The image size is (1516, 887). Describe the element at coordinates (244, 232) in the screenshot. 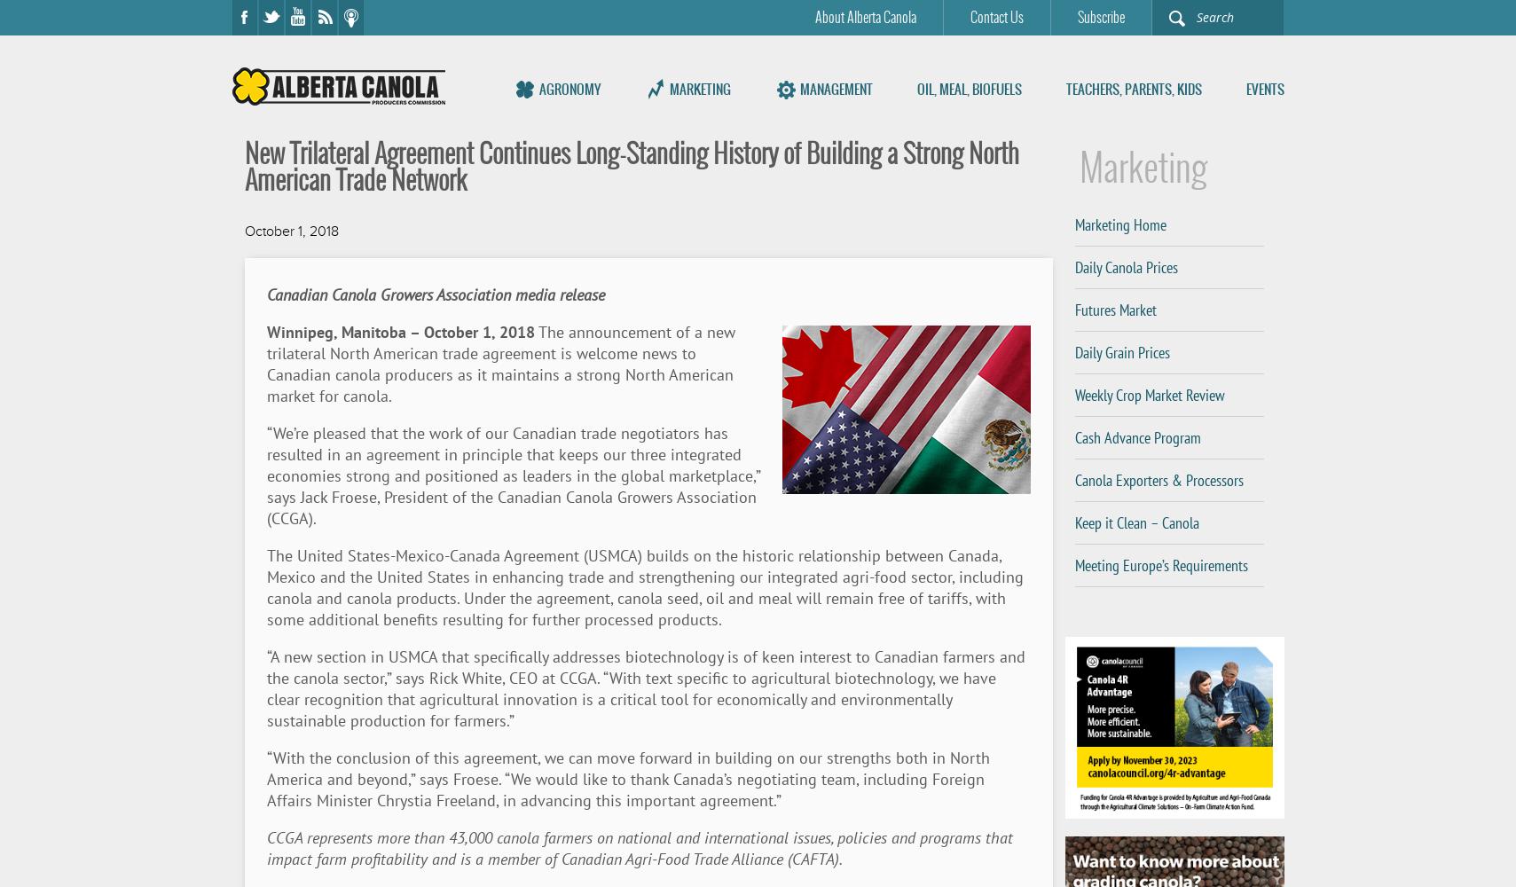

I see `'October 1, 2018'` at that location.